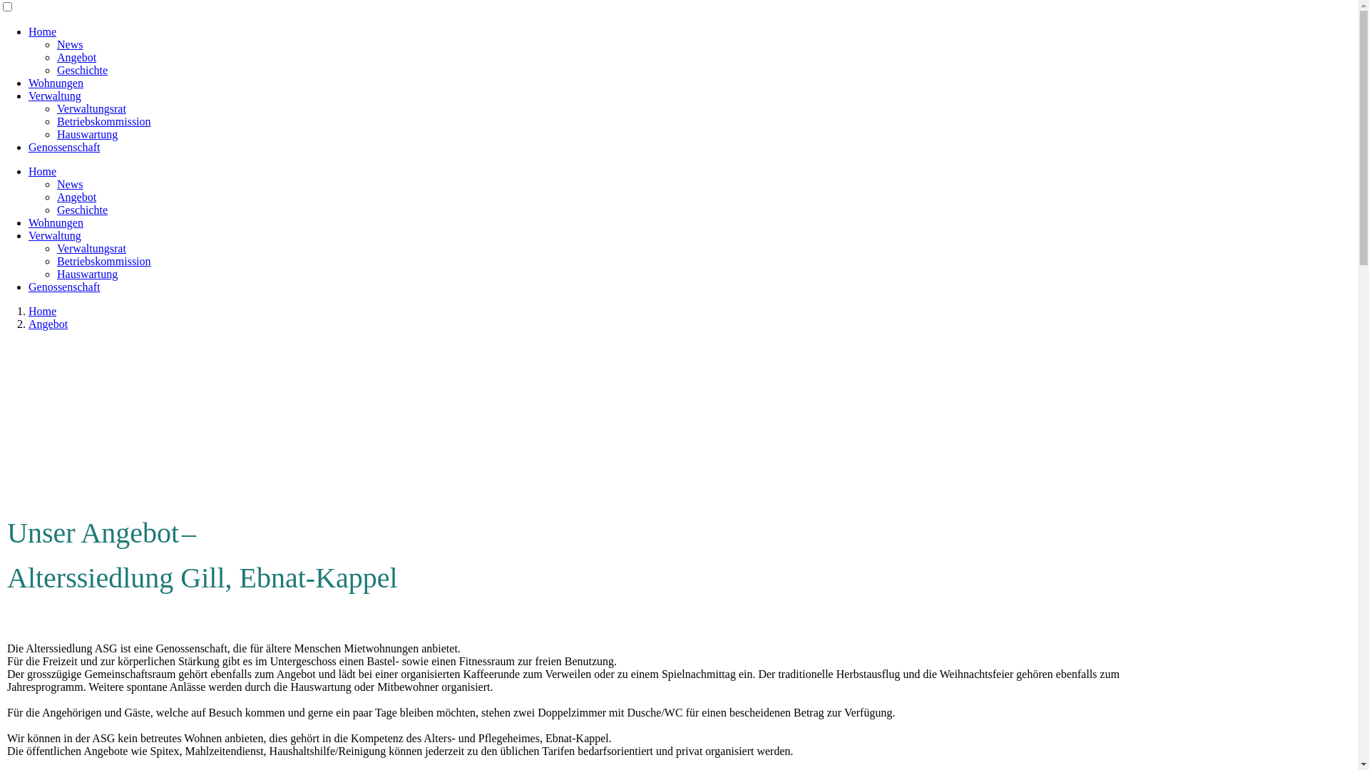  I want to click on 'Hauswartung', so click(86, 274).